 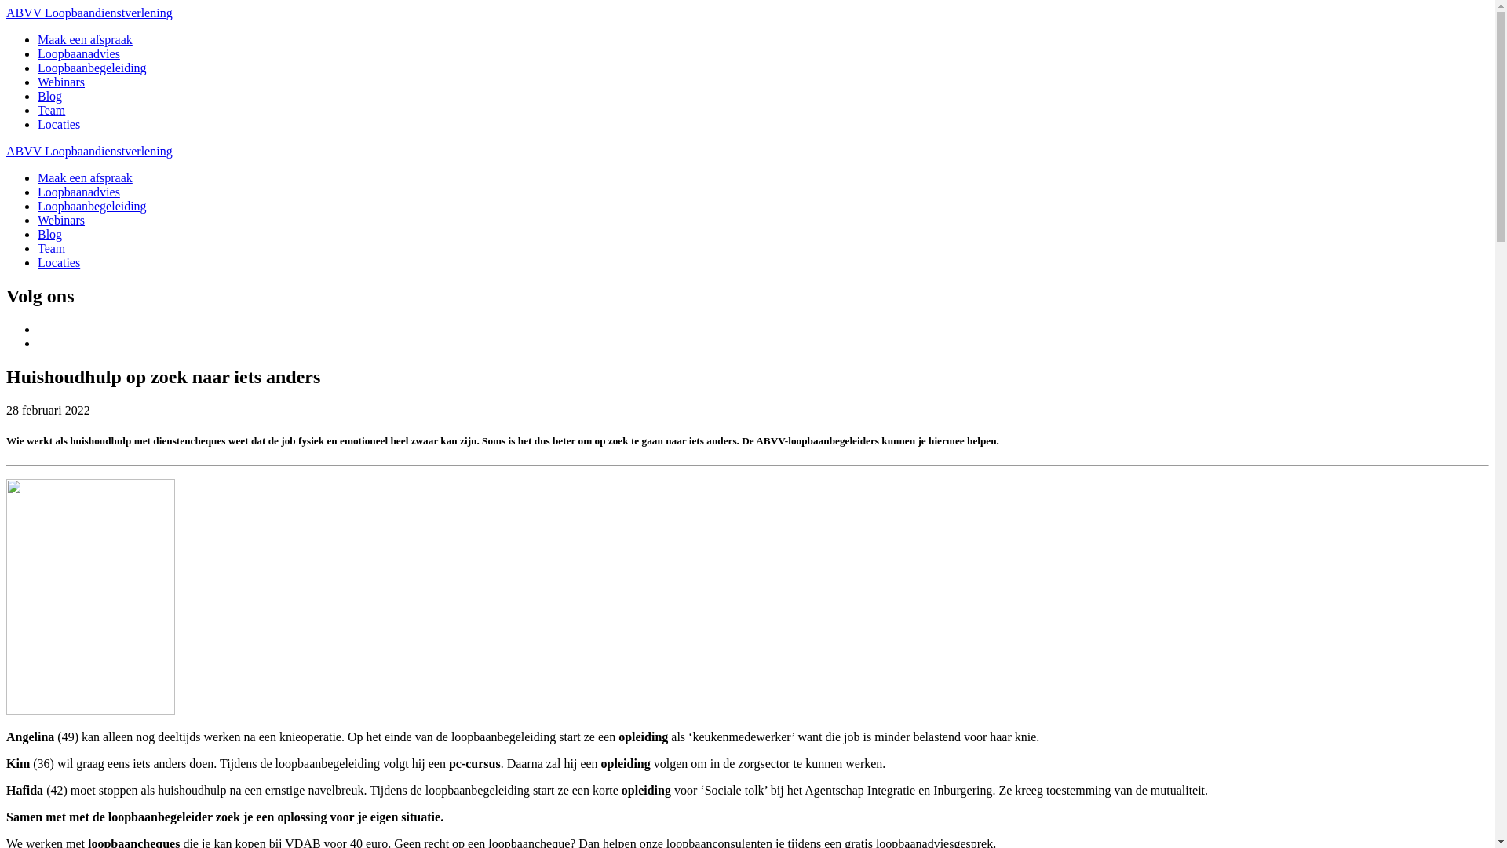 What do you see at coordinates (60, 220) in the screenshot?
I see `'Webinars'` at bounding box center [60, 220].